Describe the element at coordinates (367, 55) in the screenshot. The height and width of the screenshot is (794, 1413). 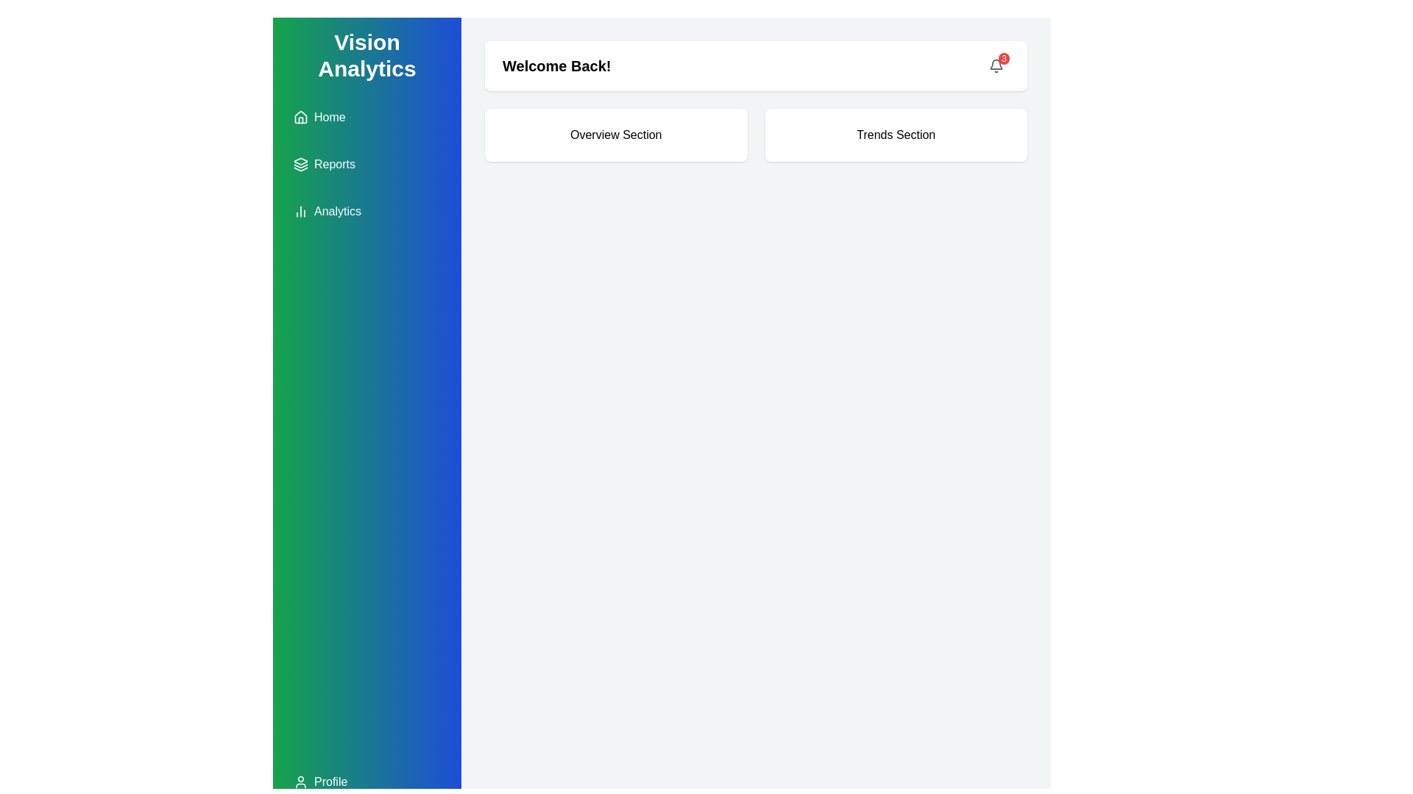
I see `text label indicating the primary theme of the sidebar, which is 'Vision Analytics.' This text label is located at the top of the sidebar on the left side of the interface` at that location.